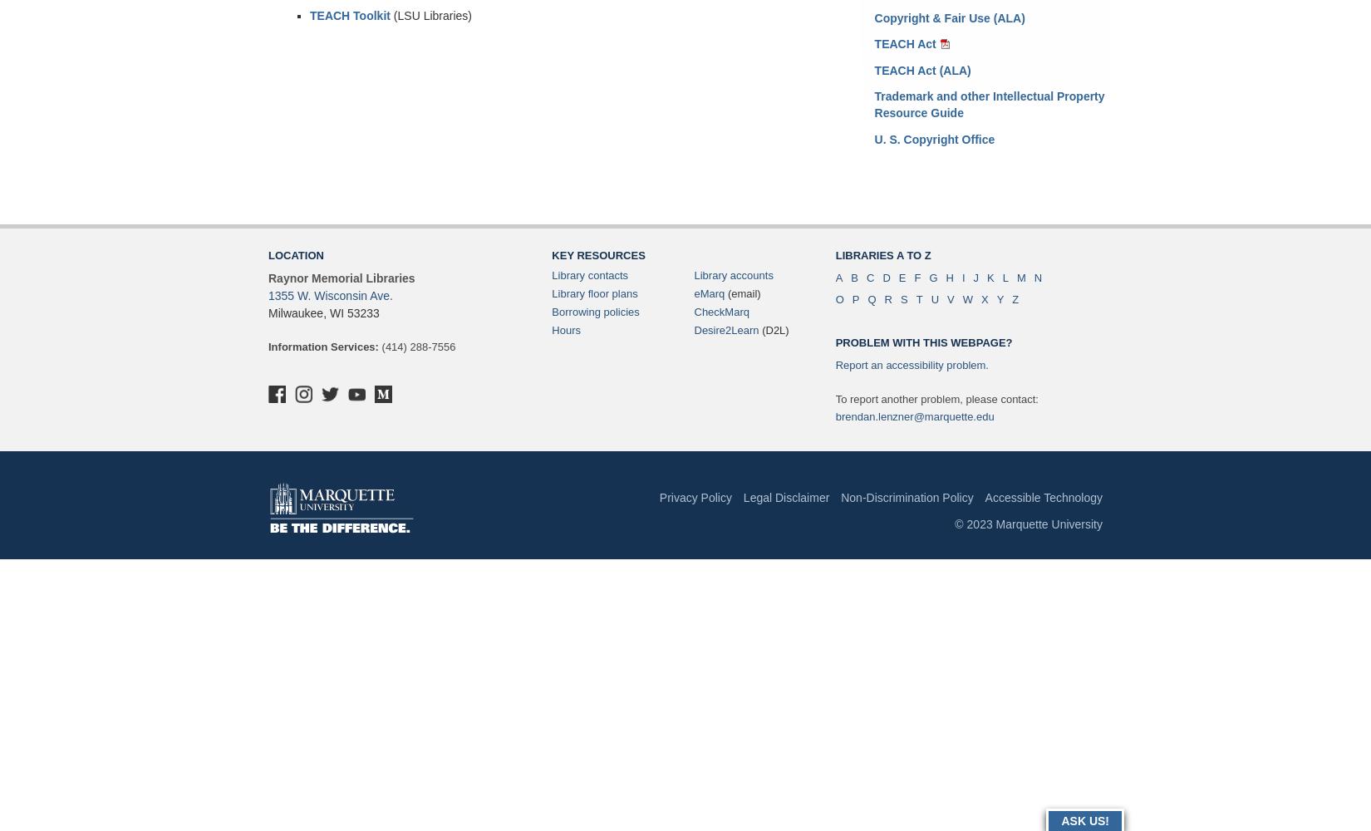 This screenshot has width=1371, height=831. Describe the element at coordinates (1084, 820) in the screenshot. I see `'Ask us!'` at that location.